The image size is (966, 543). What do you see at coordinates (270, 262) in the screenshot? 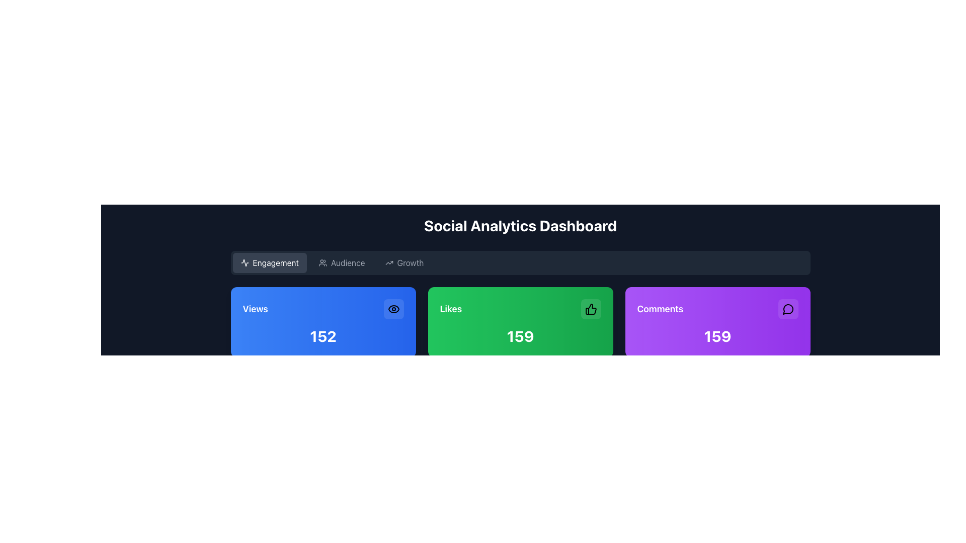
I see `the 'Engagement' button, which is a rectangular button with a dark gray background and white text featuring a heartbeat icon on the left` at bounding box center [270, 262].